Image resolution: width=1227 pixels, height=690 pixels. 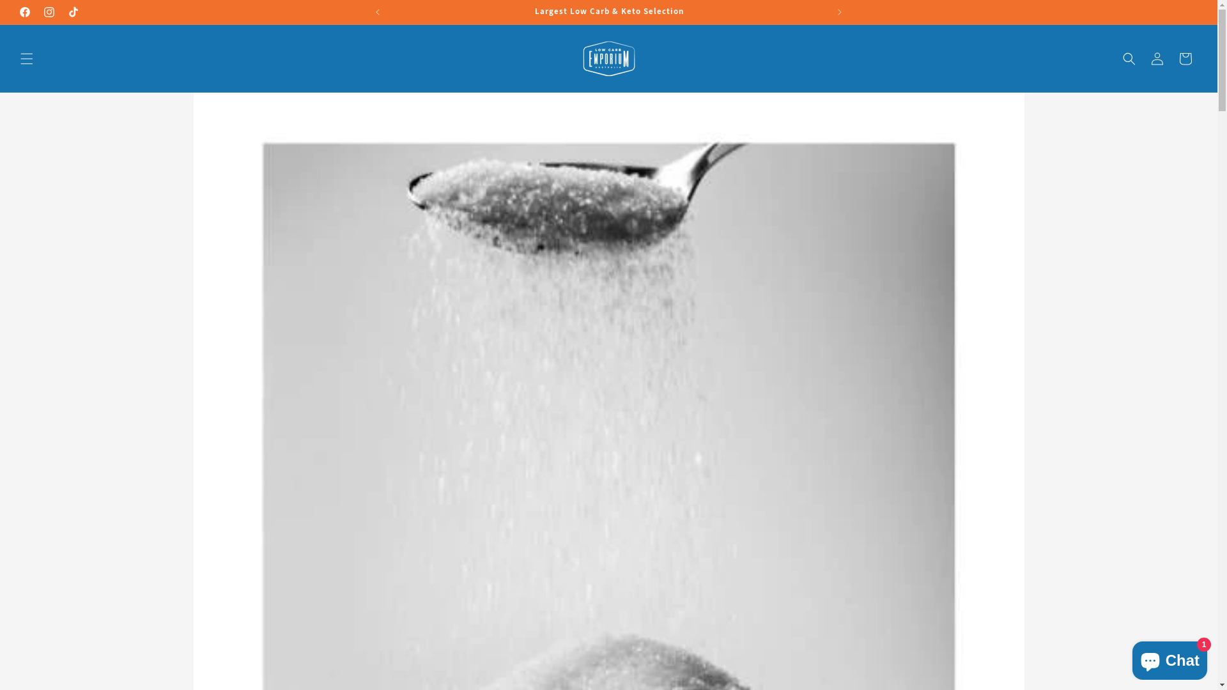 What do you see at coordinates (24, 12) in the screenshot?
I see `'Facebook'` at bounding box center [24, 12].